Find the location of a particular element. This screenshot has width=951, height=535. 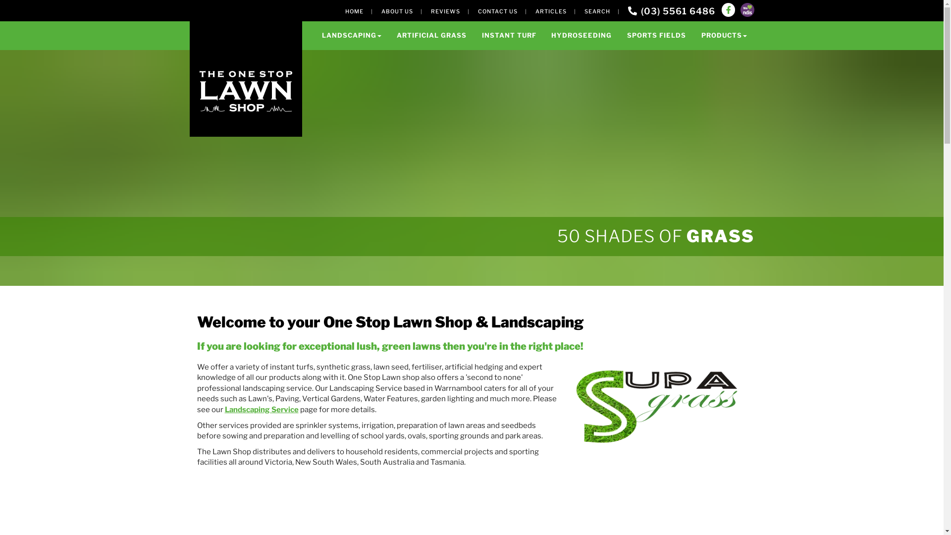

'ABOUT US' is located at coordinates (397, 11).